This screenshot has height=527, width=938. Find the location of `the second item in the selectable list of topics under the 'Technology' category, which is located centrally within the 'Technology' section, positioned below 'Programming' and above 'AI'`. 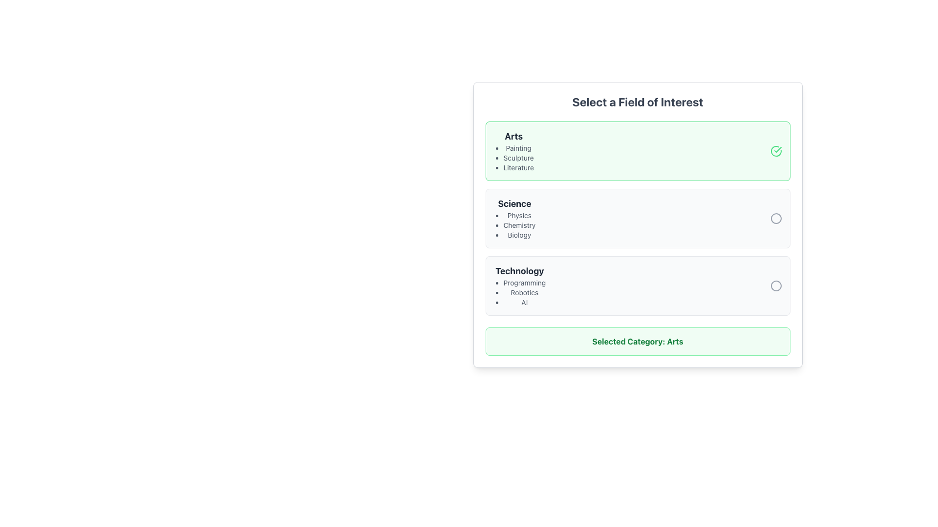

the second item in the selectable list of topics under the 'Technology' category, which is located centrally within the 'Technology' section, positioned below 'Programming' and above 'AI' is located at coordinates (524, 292).